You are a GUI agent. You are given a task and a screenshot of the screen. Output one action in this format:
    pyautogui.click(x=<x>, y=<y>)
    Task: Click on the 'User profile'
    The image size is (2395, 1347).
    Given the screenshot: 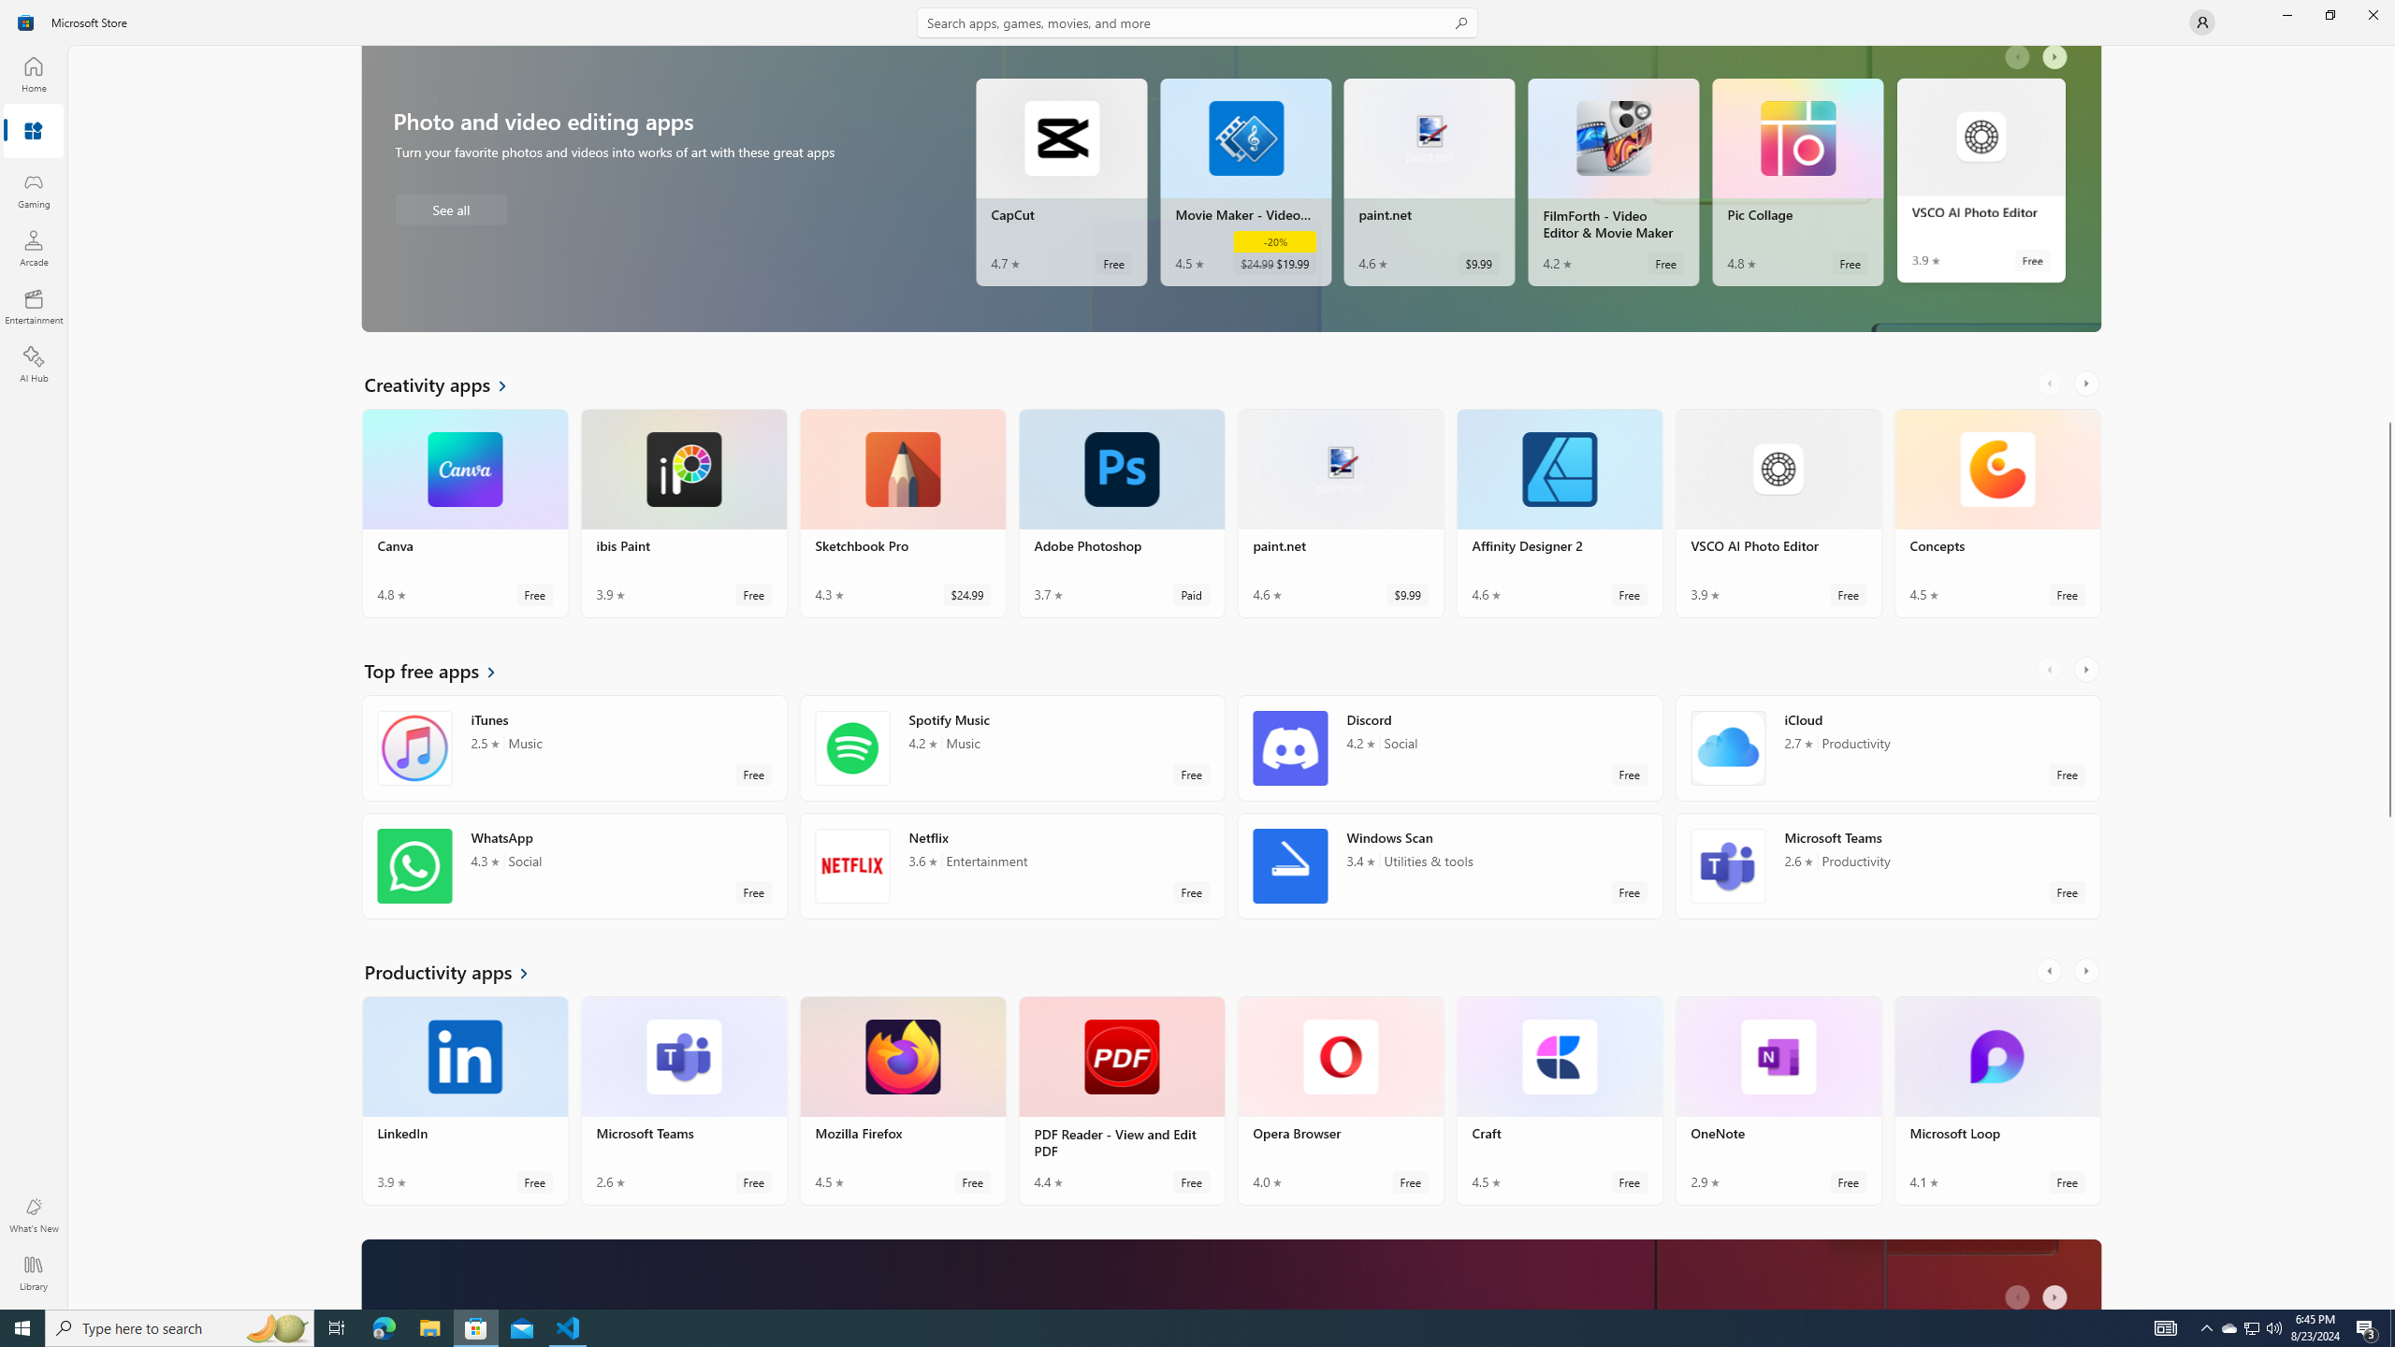 What is the action you would take?
    pyautogui.click(x=2200, y=21)
    